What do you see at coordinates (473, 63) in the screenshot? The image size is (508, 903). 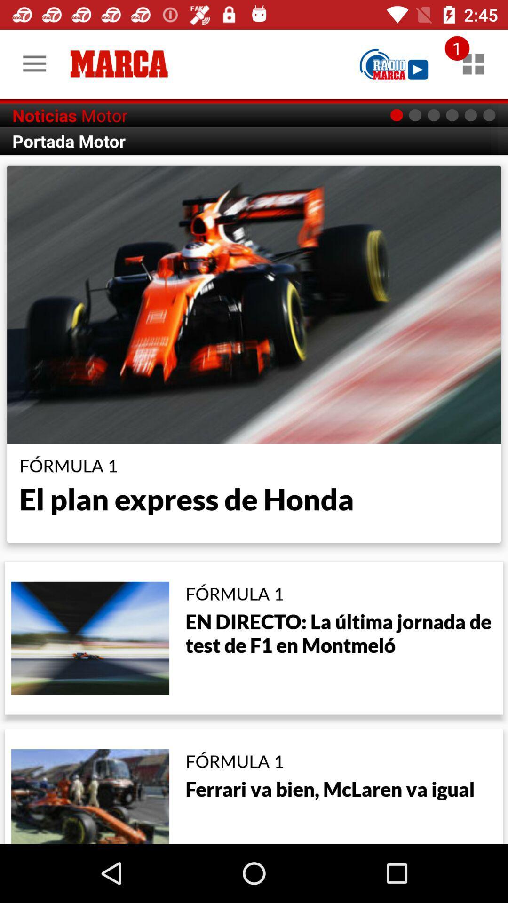 I see `menu` at bounding box center [473, 63].